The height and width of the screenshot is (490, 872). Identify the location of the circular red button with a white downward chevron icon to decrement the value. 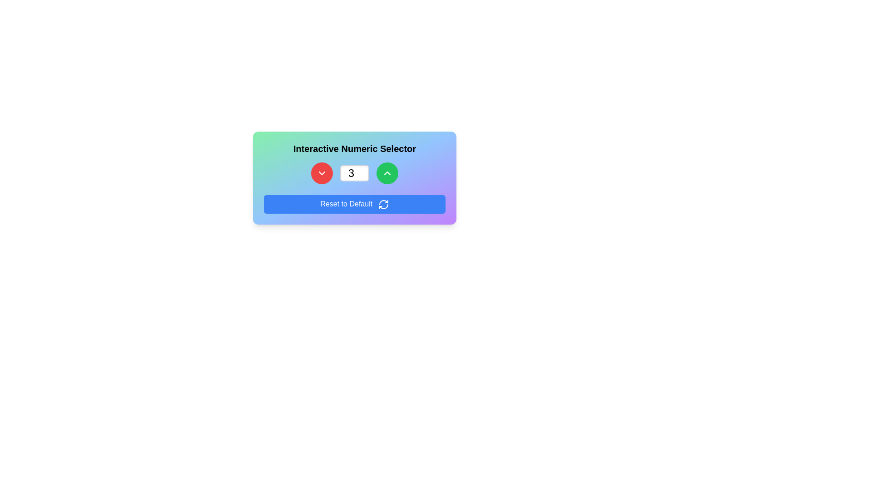
(322, 173).